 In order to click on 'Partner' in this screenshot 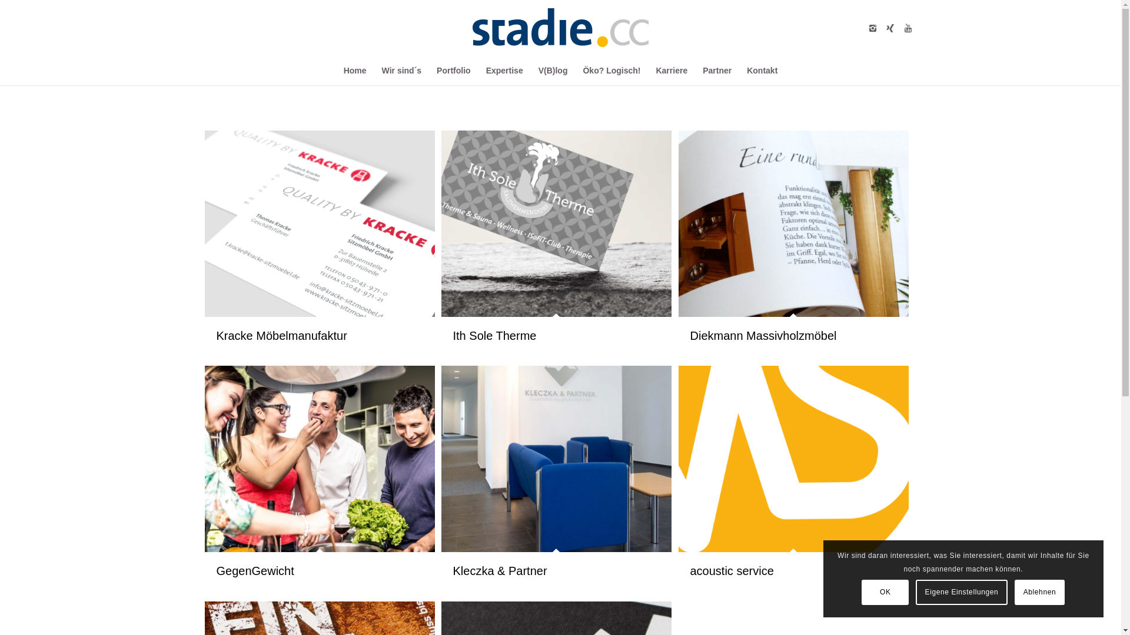, I will do `click(716, 70)`.